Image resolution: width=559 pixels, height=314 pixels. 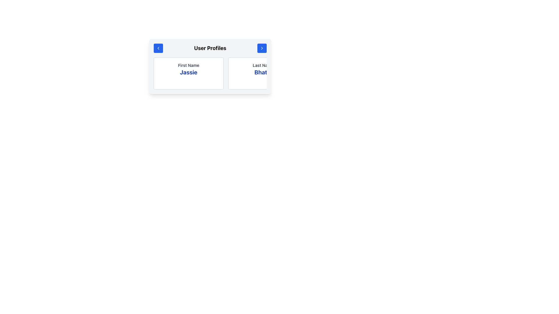 I want to click on the 'First Name' text label, which is in bold, small-sized dark gray font and located above the blue text 'Jassie' in the 'User Profiles' layout, so click(x=189, y=65).